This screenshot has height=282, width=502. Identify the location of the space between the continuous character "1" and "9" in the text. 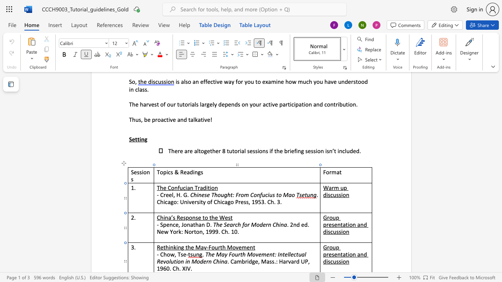
(160, 268).